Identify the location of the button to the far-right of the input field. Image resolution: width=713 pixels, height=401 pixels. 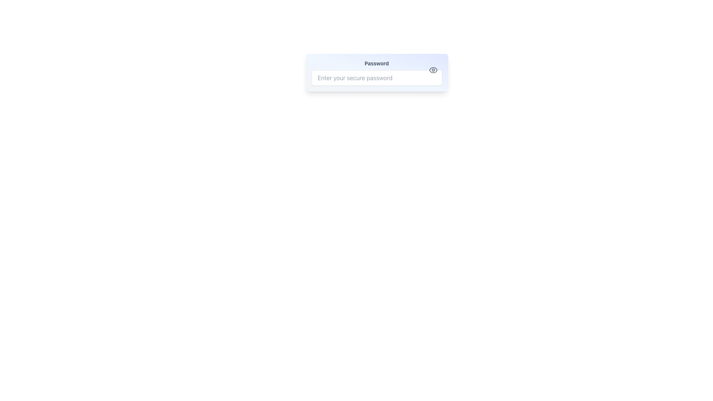
(433, 70).